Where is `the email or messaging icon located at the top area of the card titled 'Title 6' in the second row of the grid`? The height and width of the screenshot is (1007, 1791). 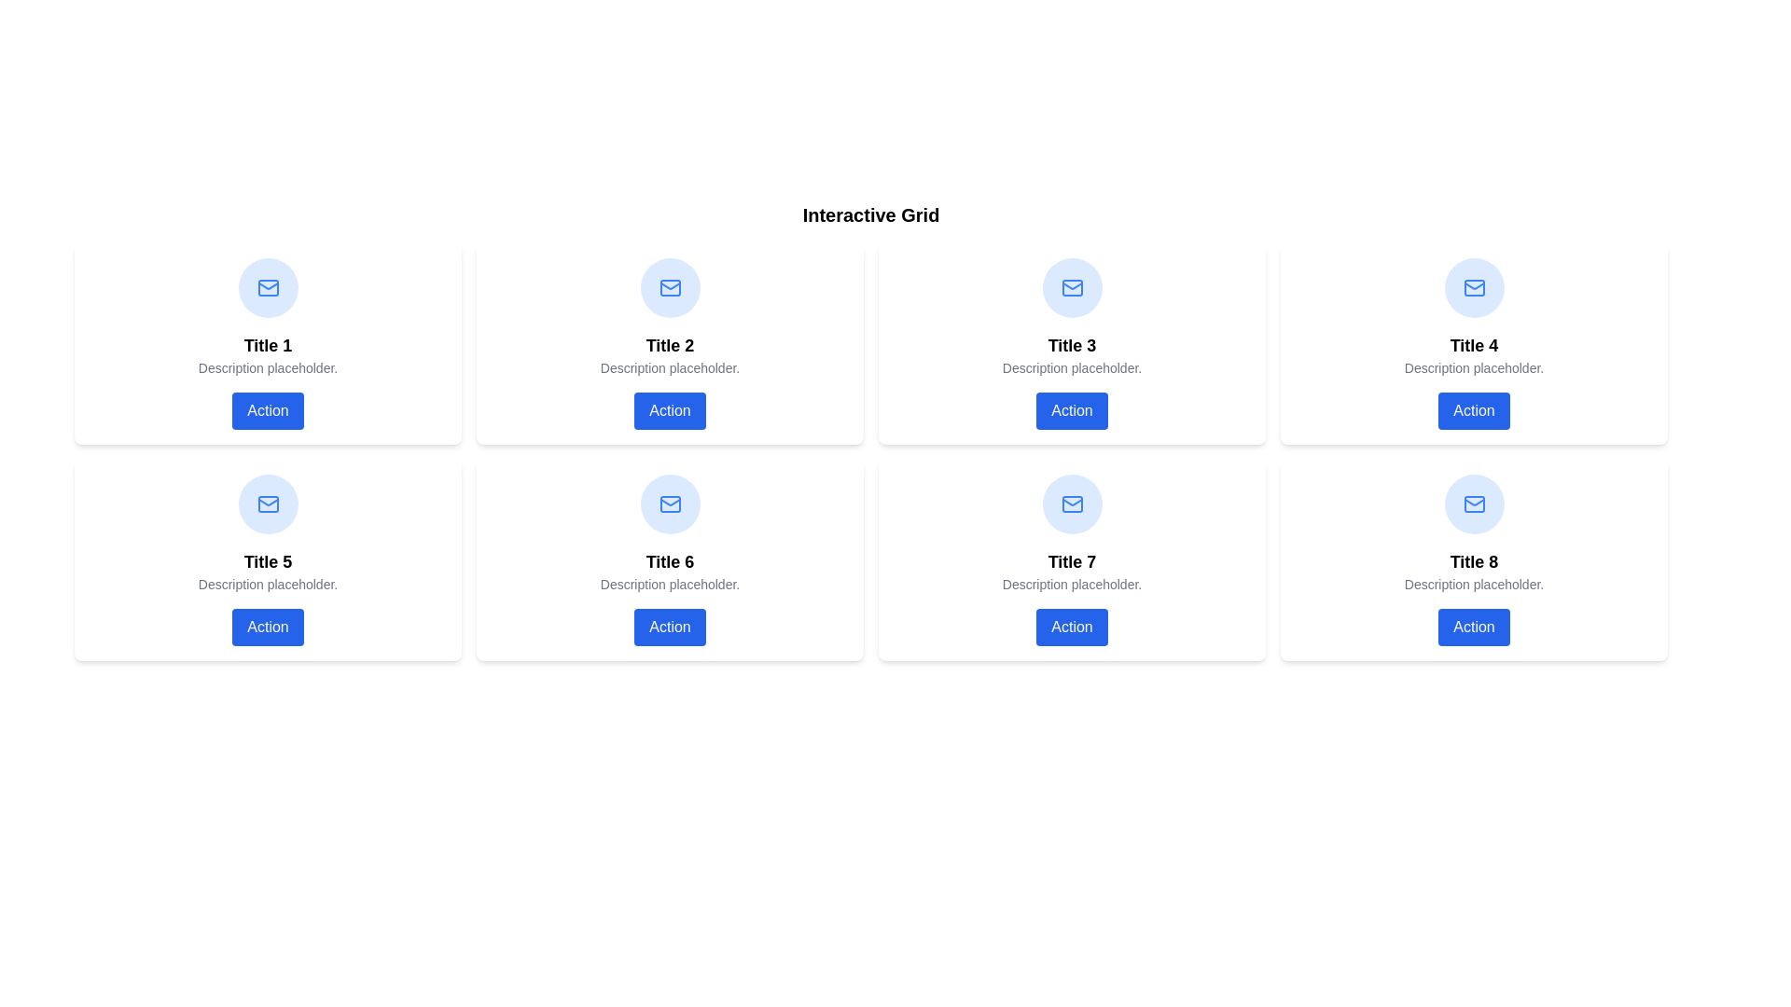
the email or messaging icon located at the top area of the card titled 'Title 6' in the second row of the grid is located at coordinates (670, 504).